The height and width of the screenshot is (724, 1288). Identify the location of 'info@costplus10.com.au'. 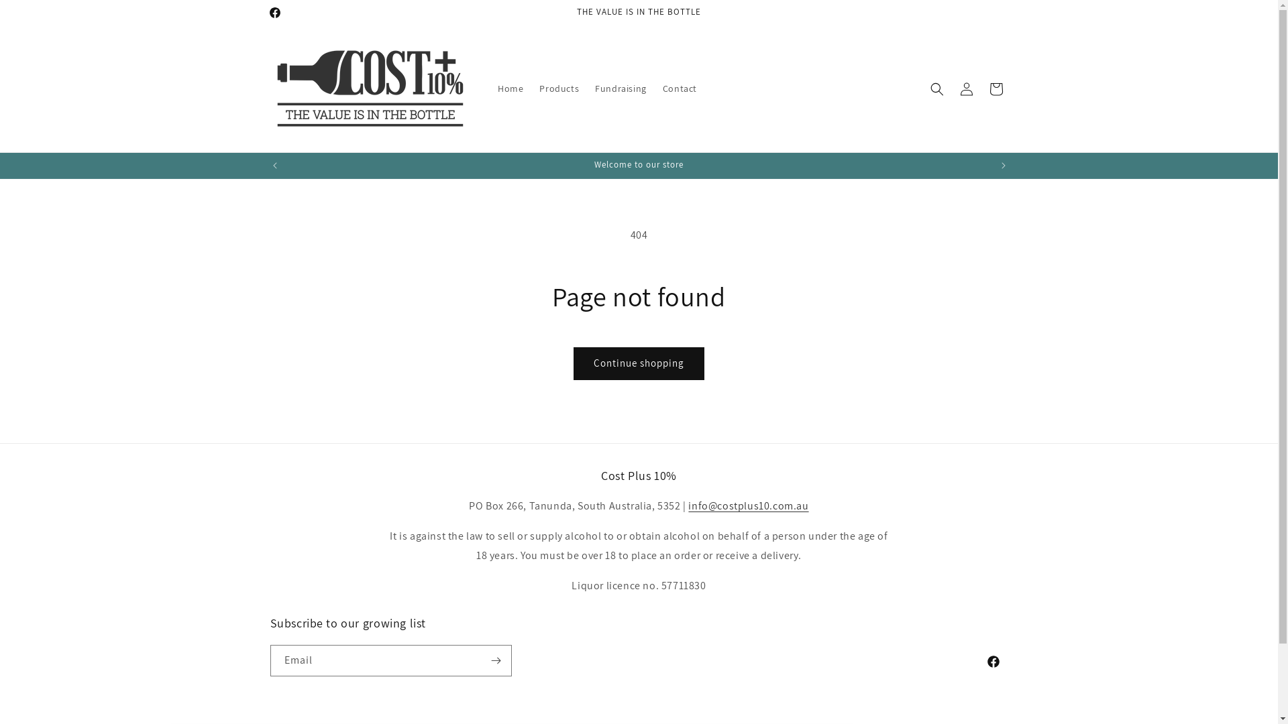
(747, 505).